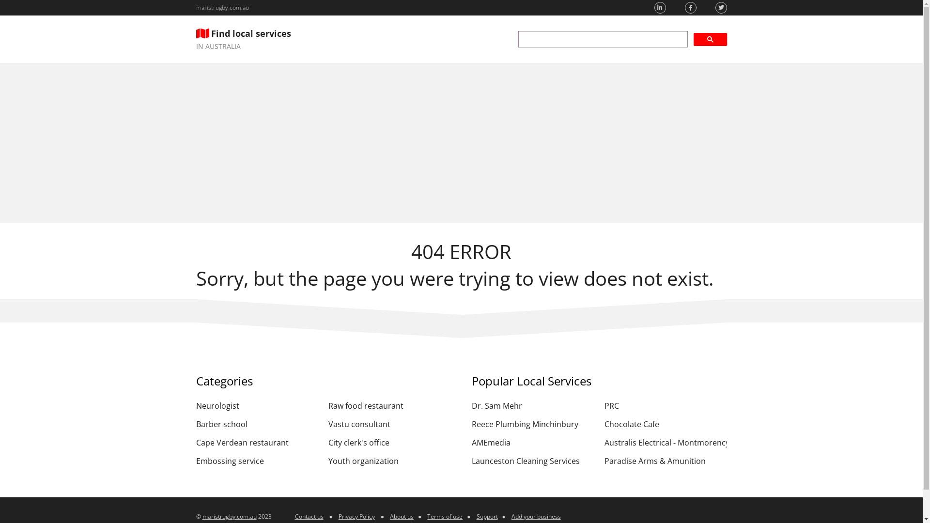  I want to click on 'Vastu consultant', so click(389, 423).